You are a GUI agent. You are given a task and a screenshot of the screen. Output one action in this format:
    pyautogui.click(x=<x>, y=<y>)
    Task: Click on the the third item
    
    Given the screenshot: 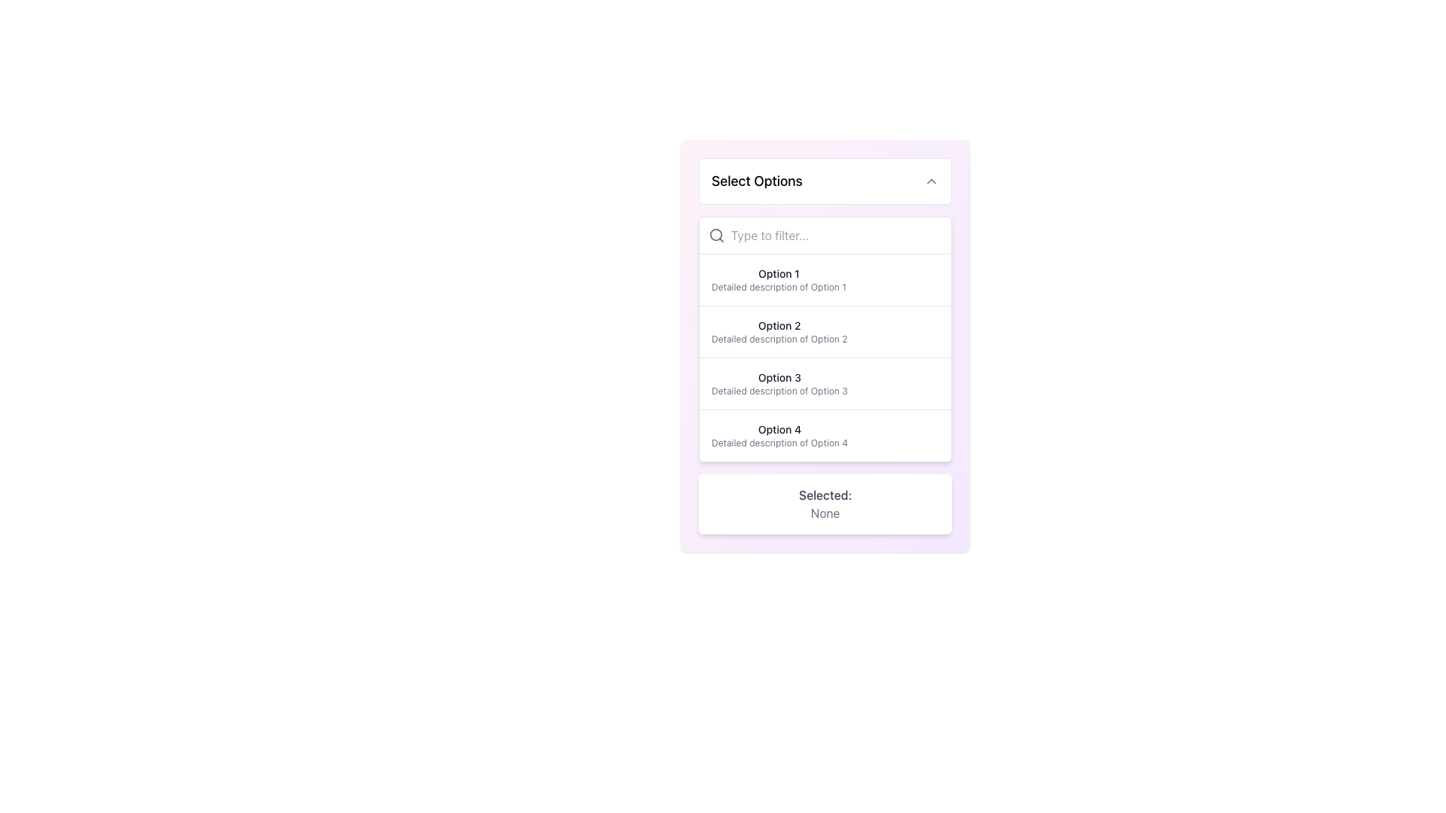 What is the action you would take?
    pyautogui.click(x=824, y=382)
    